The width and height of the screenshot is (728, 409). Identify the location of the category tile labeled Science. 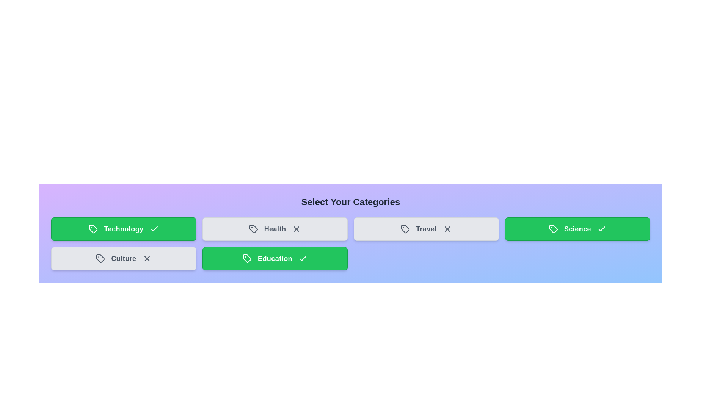
(577, 229).